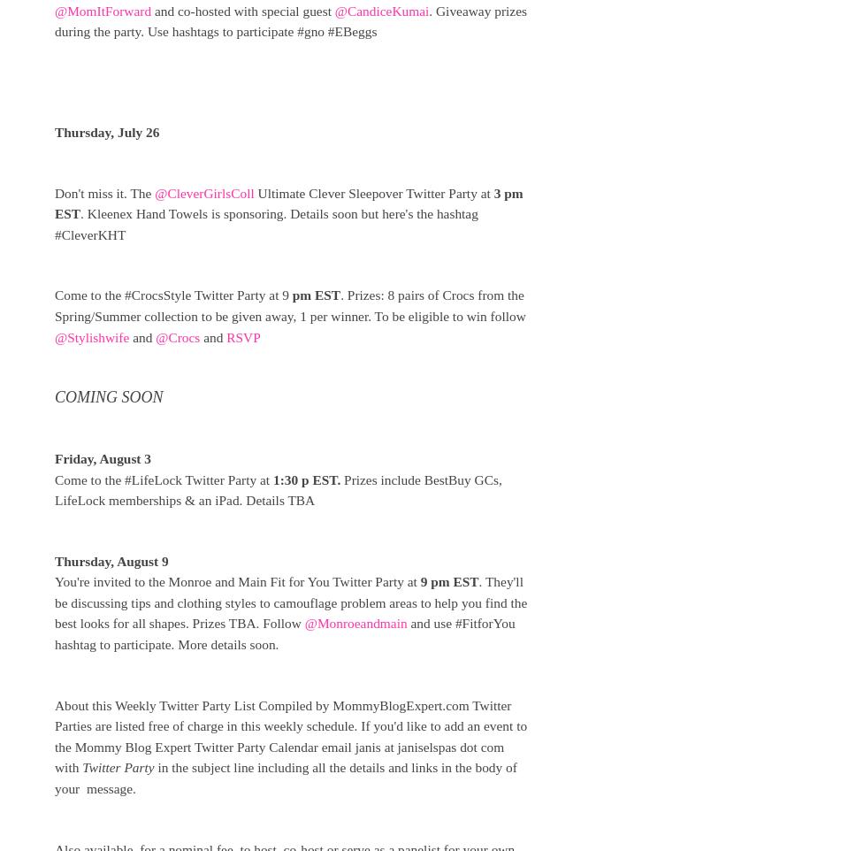  What do you see at coordinates (449, 581) in the screenshot?
I see `'9 pm EST'` at bounding box center [449, 581].